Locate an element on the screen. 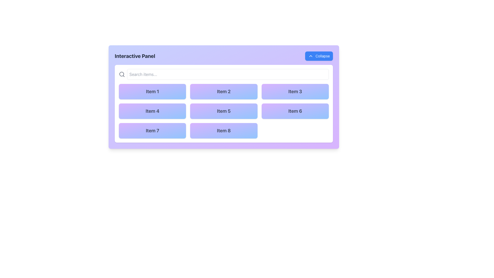 Image resolution: width=494 pixels, height=278 pixels. the circular magnifying glass icon located to the left of the 'Search items...' input field is located at coordinates (122, 74).